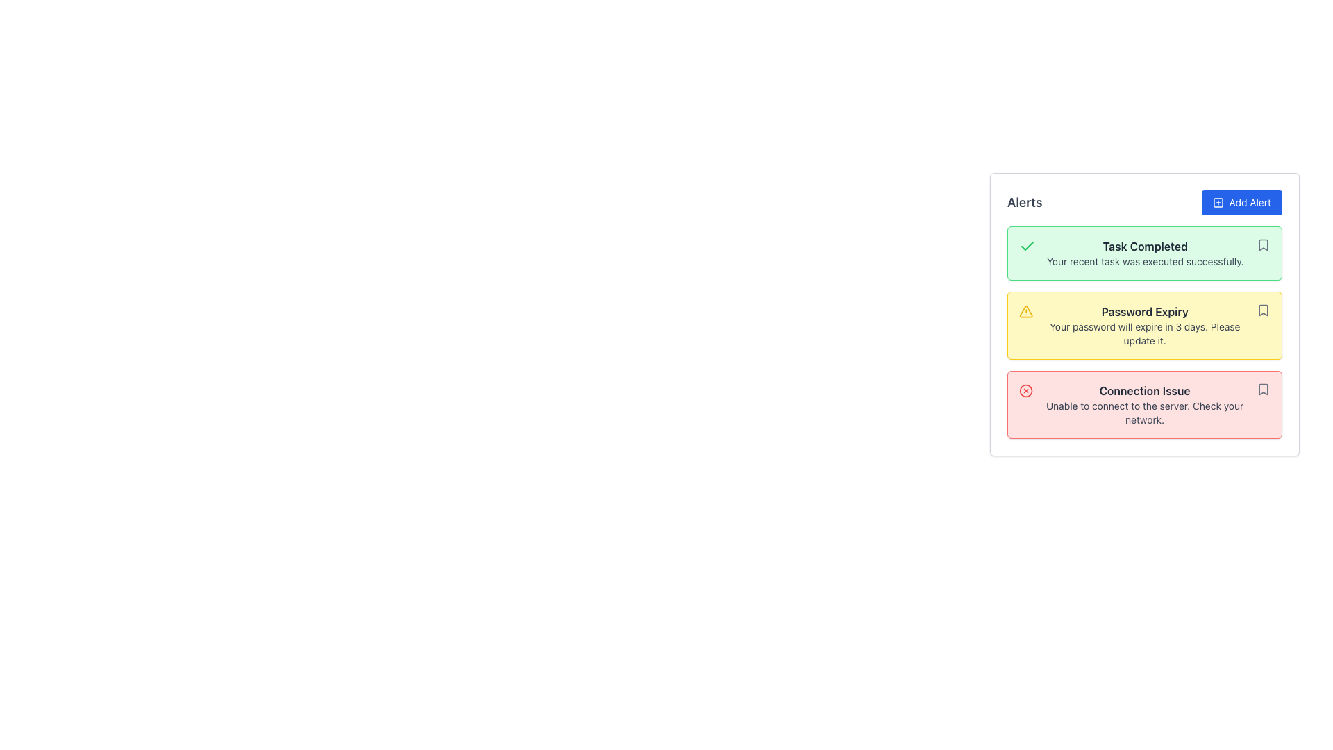 The image size is (1333, 750). What do you see at coordinates (1217, 203) in the screenshot?
I see `the small blue square icon with a white border containing a plus symbol, located within the 'Add Alert' button in the top-right corner of the 'Alerts' section` at bounding box center [1217, 203].